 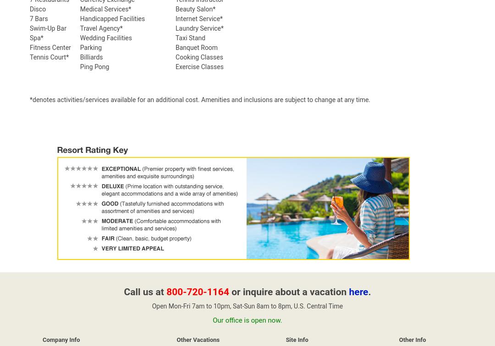 What do you see at coordinates (199, 28) in the screenshot?
I see `'Laundry Service*'` at bounding box center [199, 28].